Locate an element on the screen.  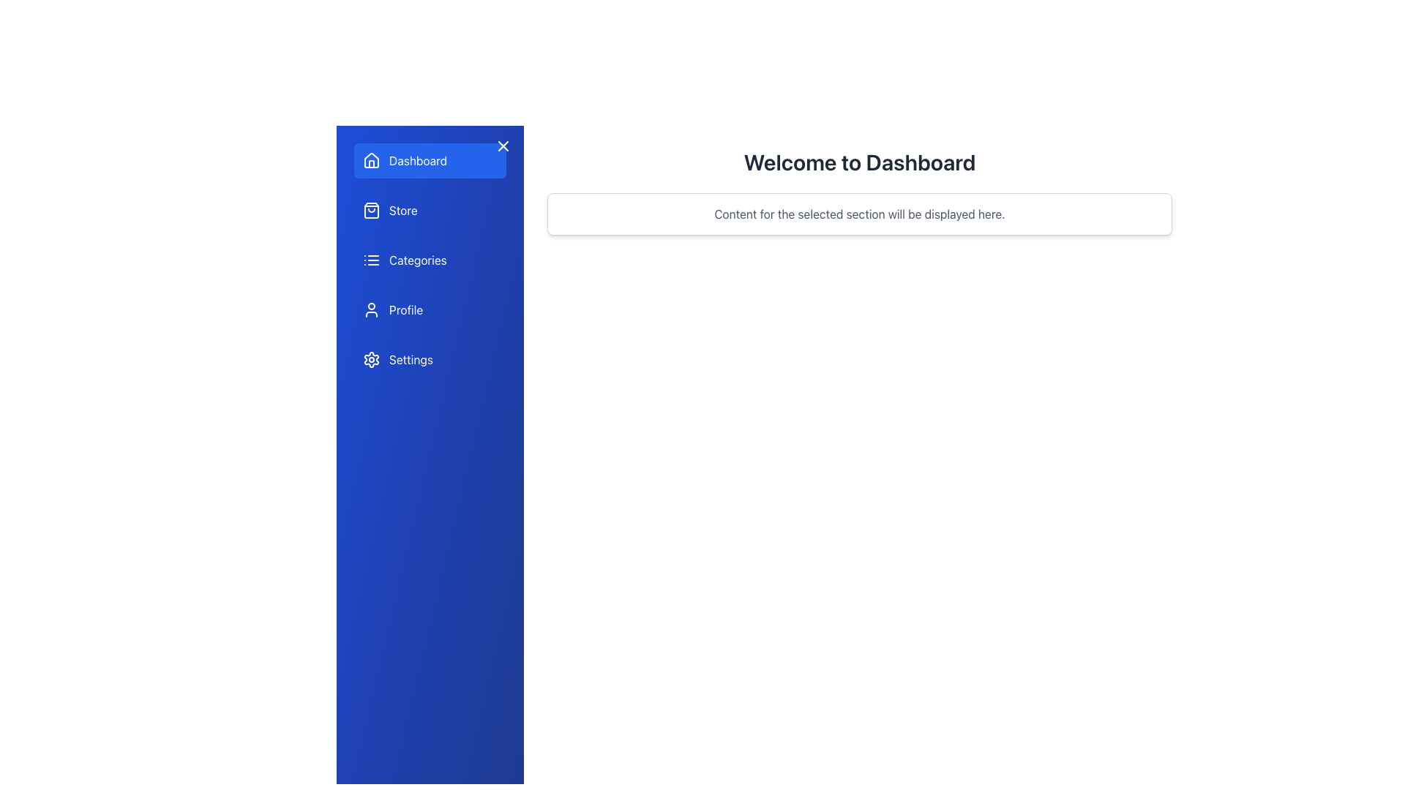
the Text Element displaying 'Content for the selected section will be displayed here.' in gray font, positioned in the center-right section of the interface is located at coordinates (860, 214).